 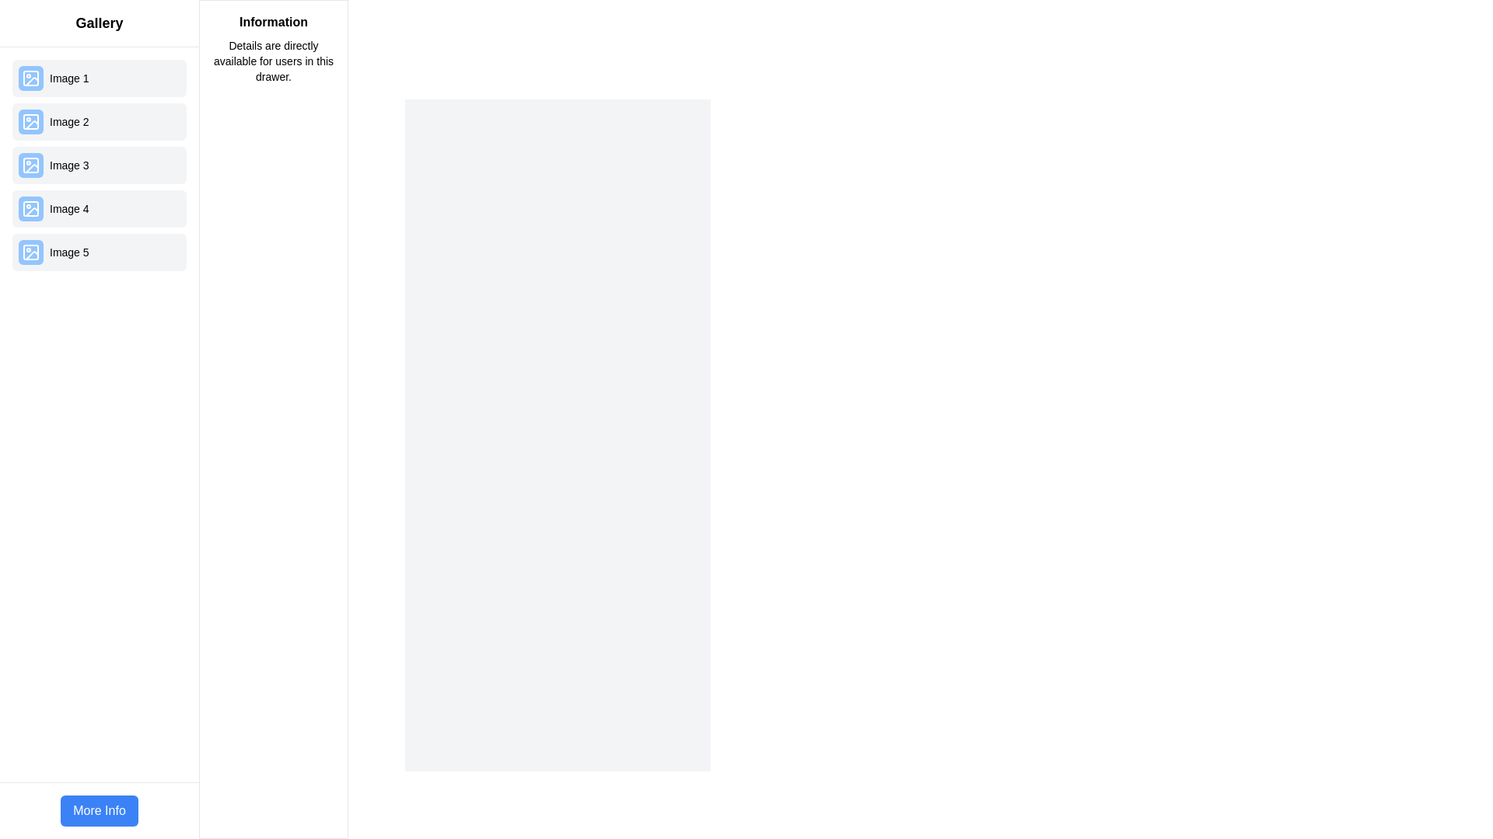 What do you see at coordinates (30, 208) in the screenshot?
I see `the blue rounded square icon with a white image symbol located` at bounding box center [30, 208].